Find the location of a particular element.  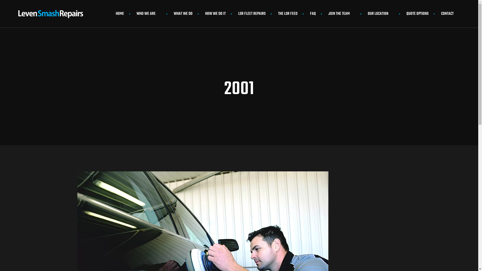

'LSR FLEET REPAIRS' is located at coordinates (232, 13).